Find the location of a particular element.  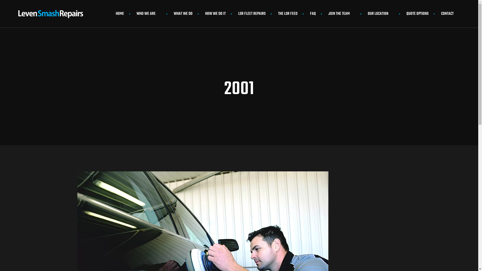

'LSR FLEET REPAIRS' is located at coordinates (232, 13).